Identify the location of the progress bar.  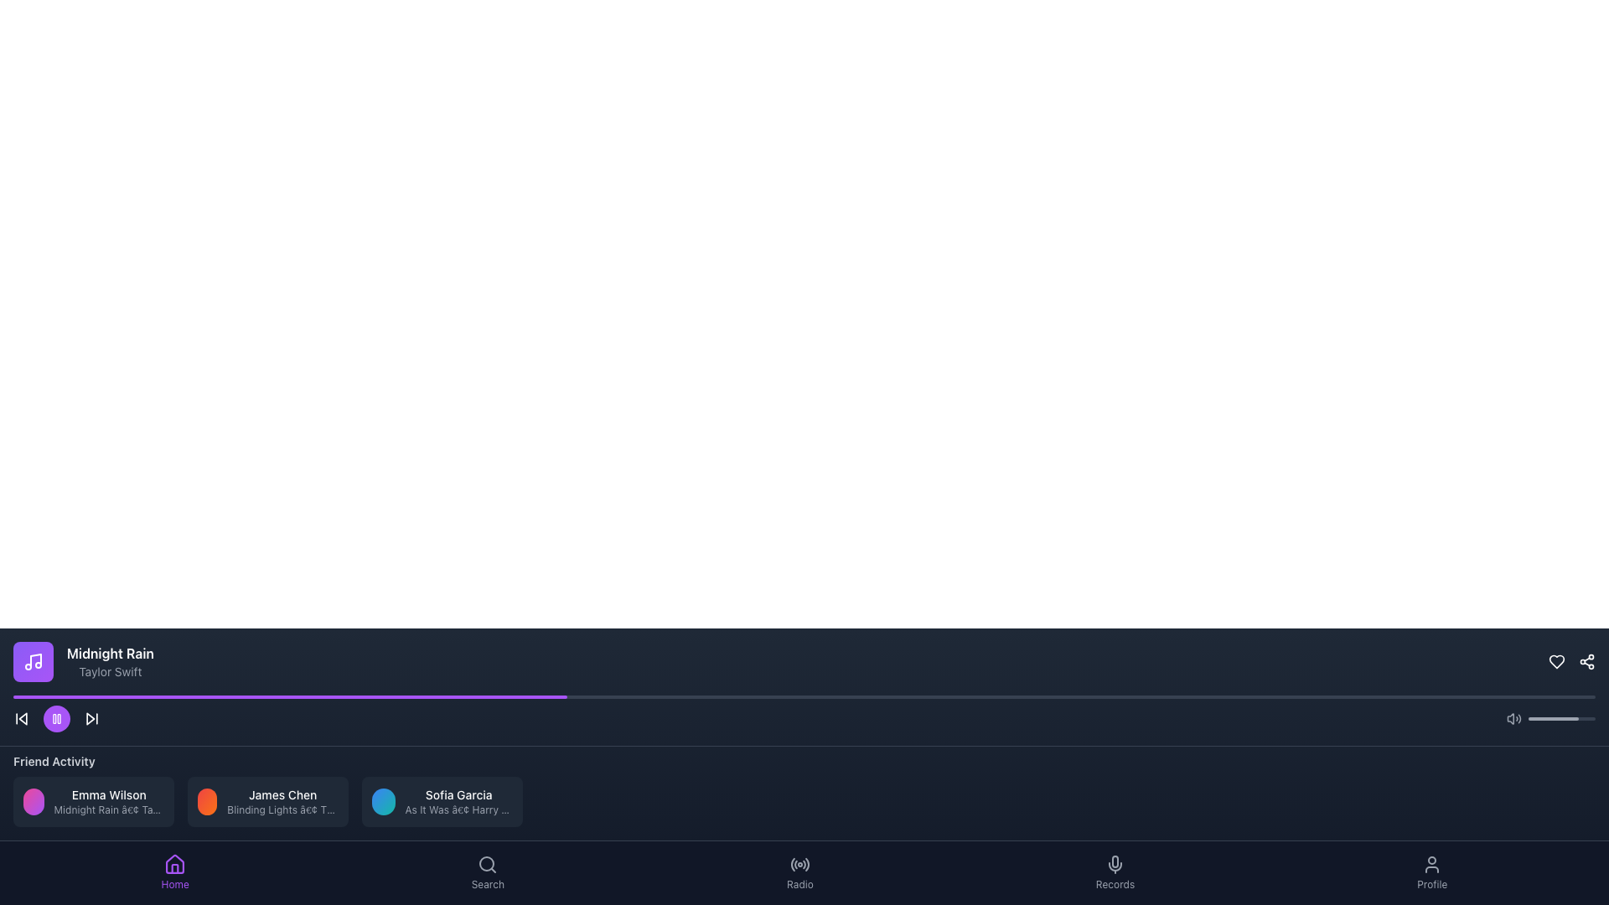
(1532, 697).